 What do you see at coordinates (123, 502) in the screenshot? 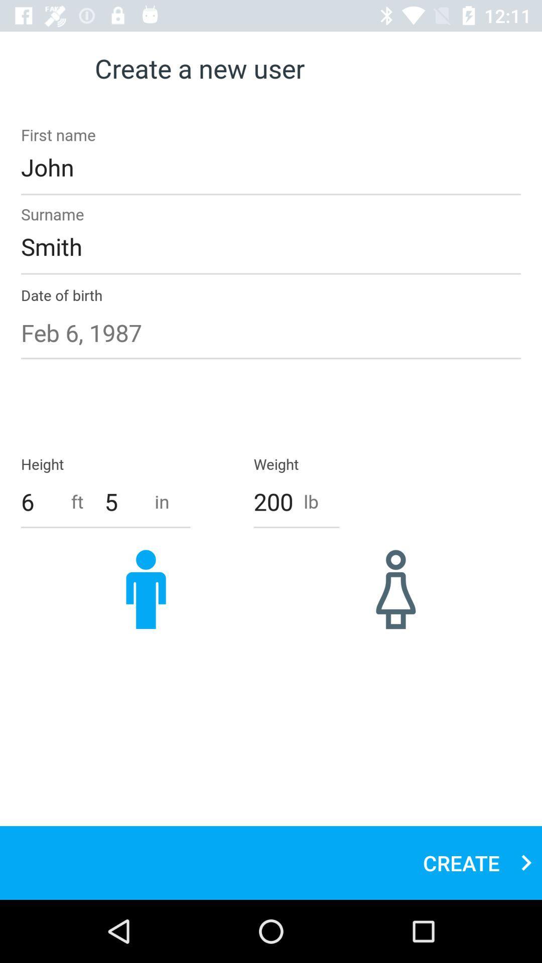
I see `item next to in icon` at bounding box center [123, 502].